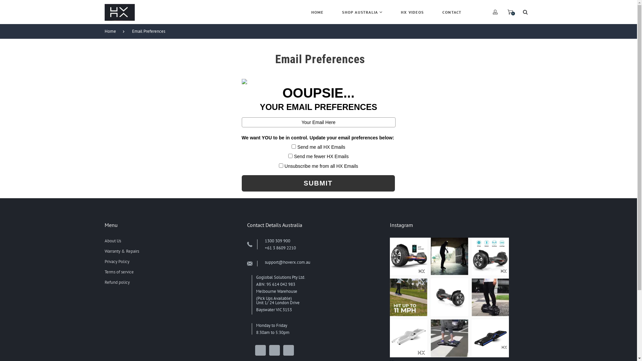 The height and width of the screenshot is (361, 642). What do you see at coordinates (113, 31) in the screenshot?
I see `'Home'` at bounding box center [113, 31].